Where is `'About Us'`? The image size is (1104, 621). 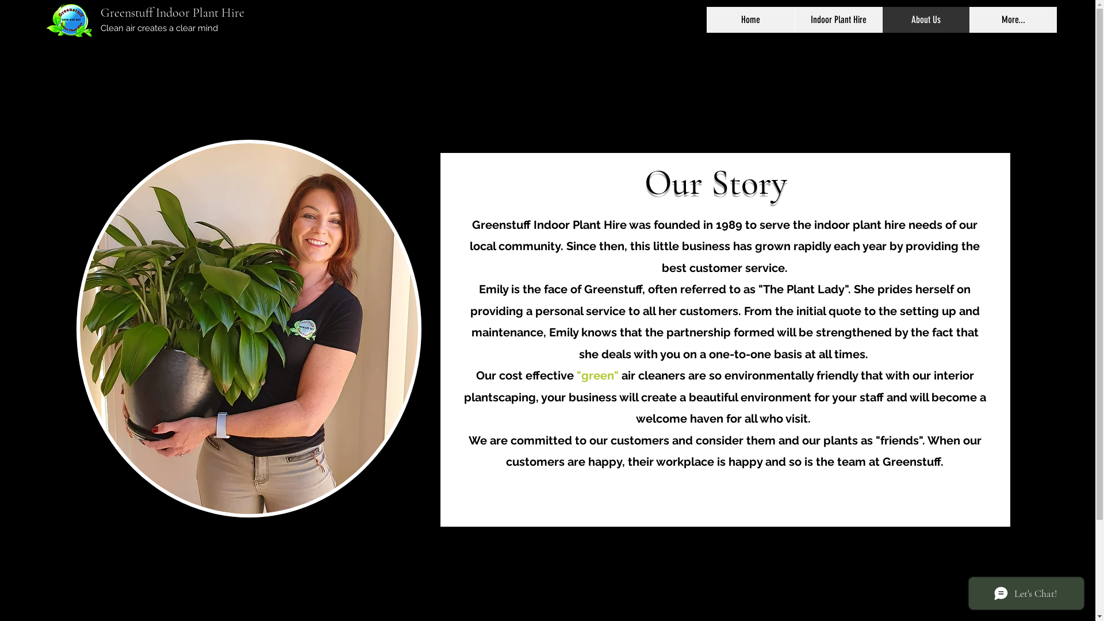 'About Us' is located at coordinates (925, 20).